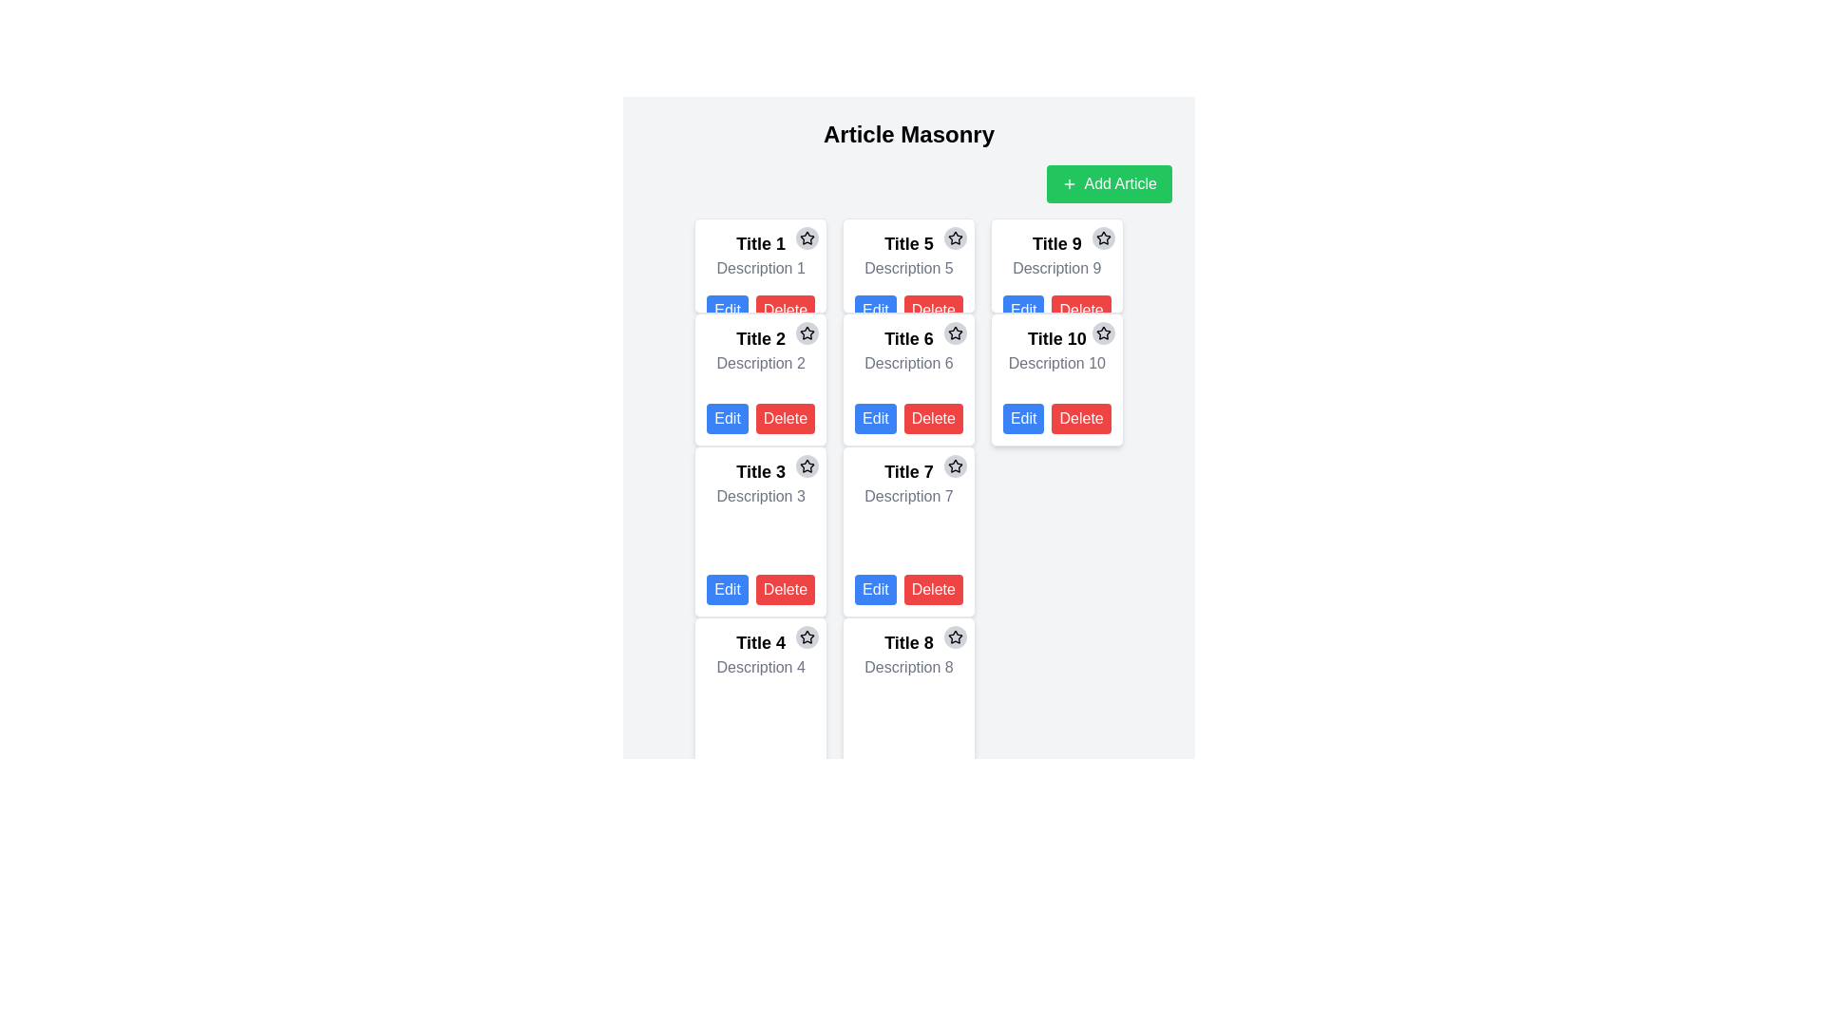  What do you see at coordinates (1103, 237) in the screenshot?
I see `the star-shaped icon outlined with a thin stroke located in the top-right corner of the card labeled 'Title 10'` at bounding box center [1103, 237].